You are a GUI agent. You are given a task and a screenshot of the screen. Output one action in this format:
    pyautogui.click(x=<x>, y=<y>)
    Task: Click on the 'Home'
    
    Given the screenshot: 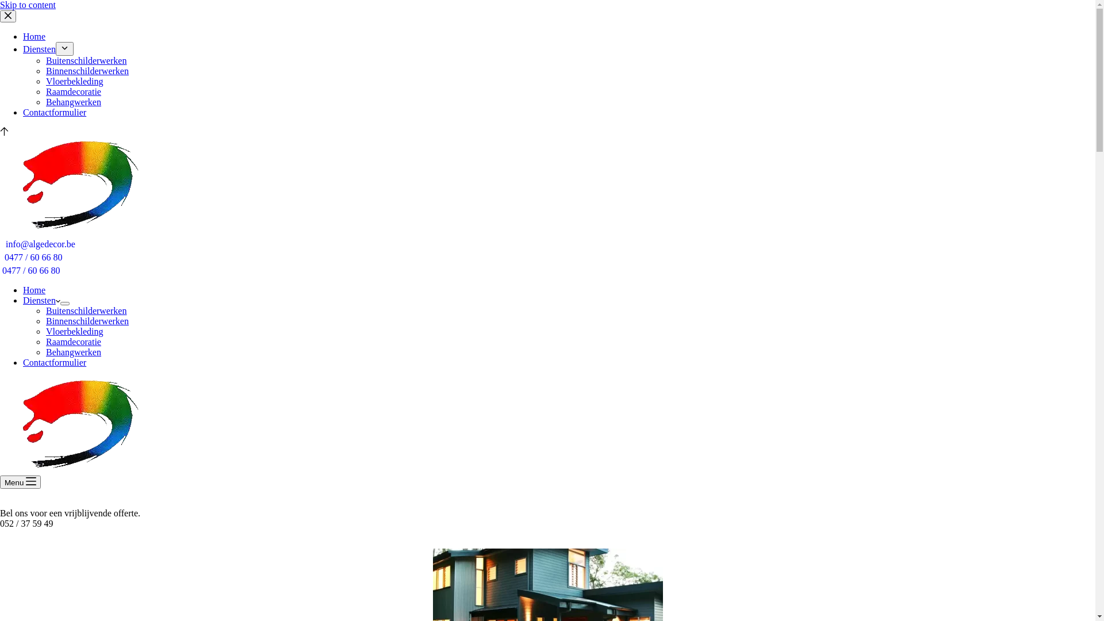 What is the action you would take?
    pyautogui.click(x=22, y=36)
    